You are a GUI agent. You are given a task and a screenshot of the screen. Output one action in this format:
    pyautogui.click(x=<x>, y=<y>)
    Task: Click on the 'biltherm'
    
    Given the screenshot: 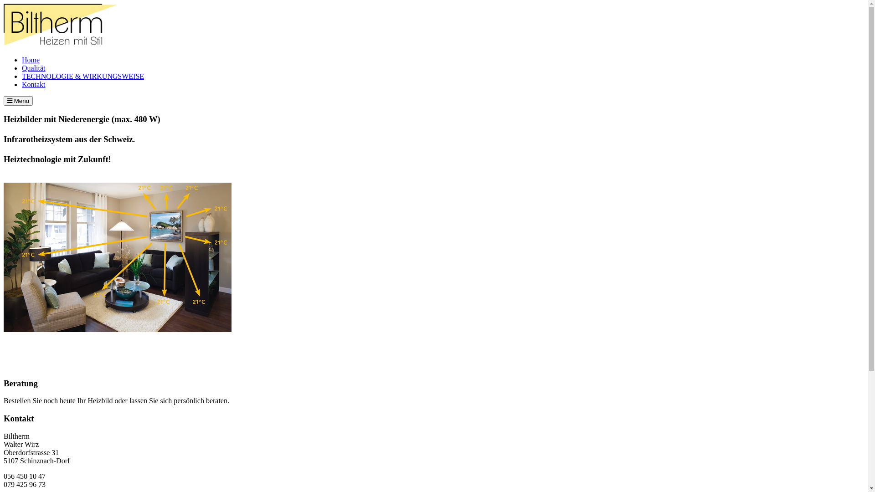 What is the action you would take?
    pyautogui.click(x=60, y=44)
    